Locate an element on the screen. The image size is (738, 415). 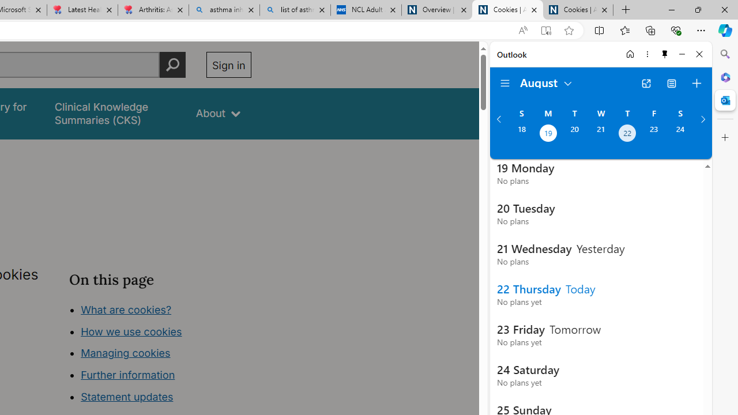
'Monday, August 19, 2024. Date selected. ' is located at coordinates (547, 134).